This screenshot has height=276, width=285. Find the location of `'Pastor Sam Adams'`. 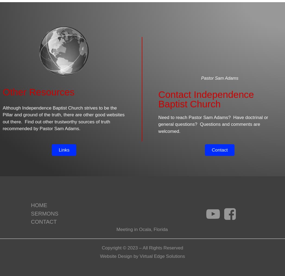

'Pastor Sam Adams' is located at coordinates (201, 78).